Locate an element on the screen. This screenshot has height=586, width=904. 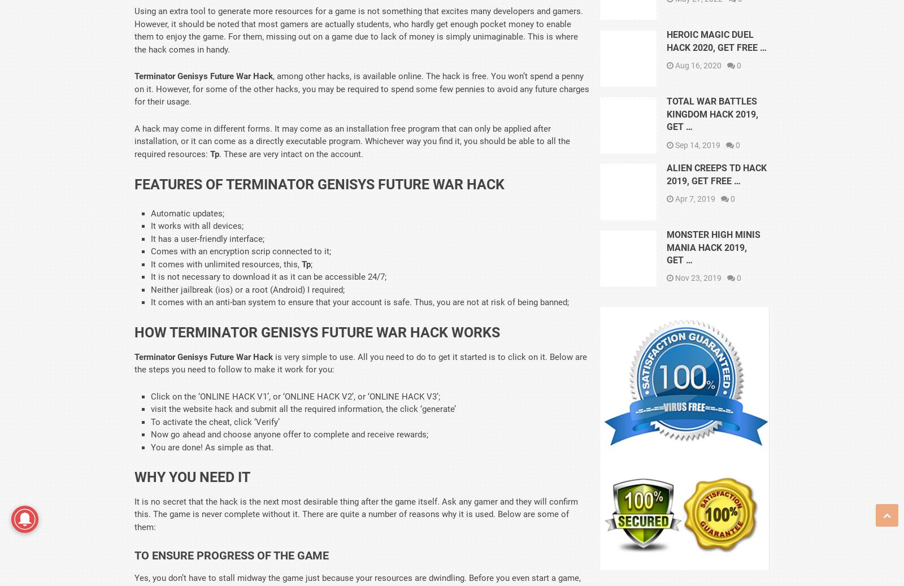
'How Terminator Genisys Future War Hack Works' is located at coordinates (316, 332).